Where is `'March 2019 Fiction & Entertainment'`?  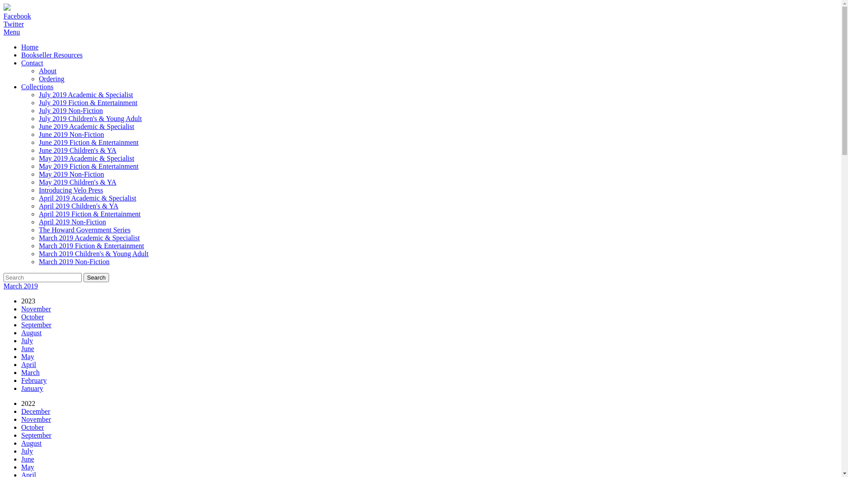 'March 2019 Fiction & Entertainment' is located at coordinates (91, 246).